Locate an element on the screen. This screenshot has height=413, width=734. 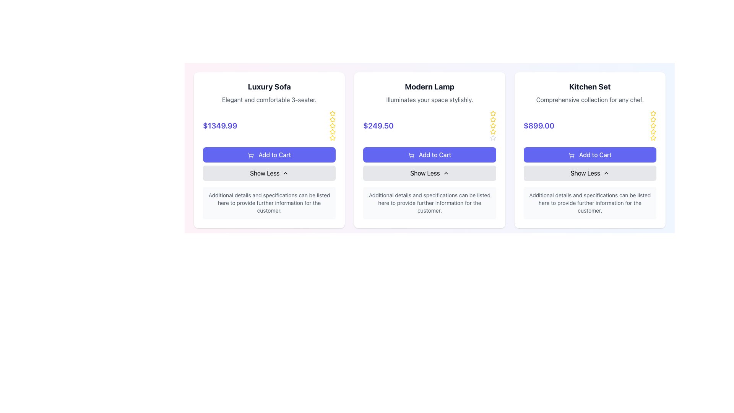
the third star icon in the rating section of the Kitchen Set product card is located at coordinates (653, 119).